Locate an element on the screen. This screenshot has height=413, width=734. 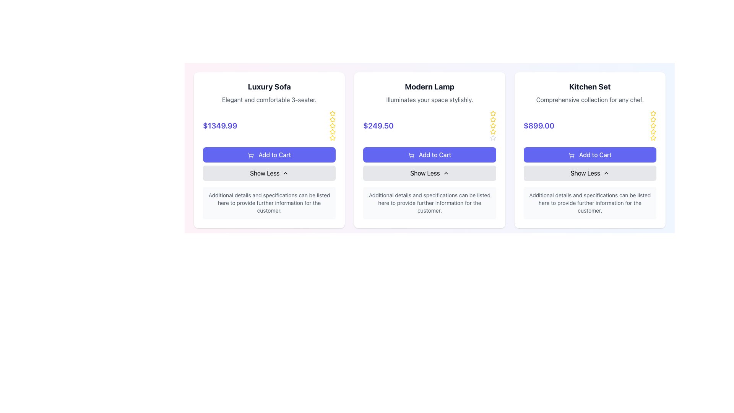
the third star icon in the rating section of the Kitchen Set product card is located at coordinates (653, 119).